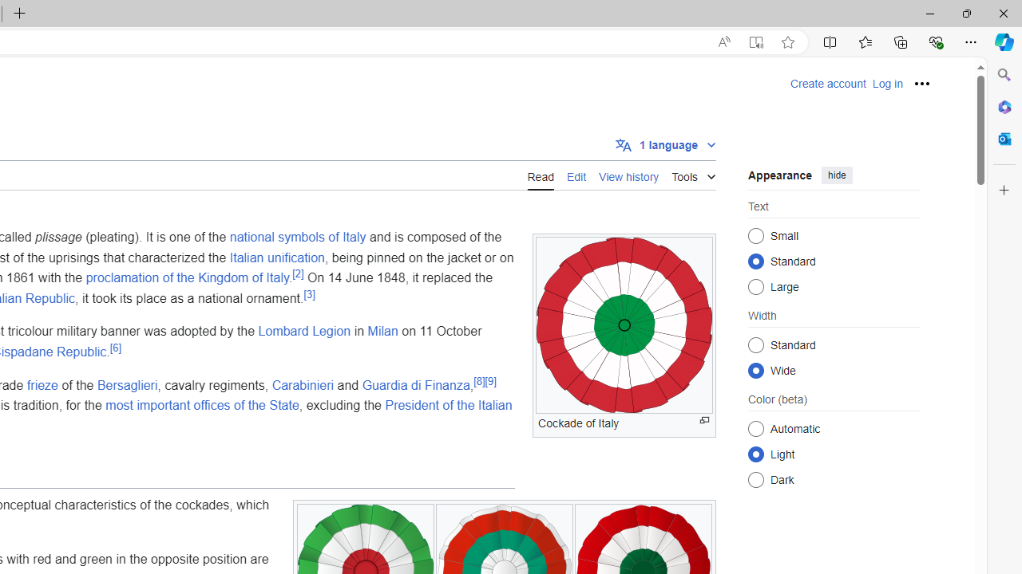  What do you see at coordinates (787, 41) in the screenshot?
I see `'Add this page to favorites (Ctrl+D)'` at bounding box center [787, 41].